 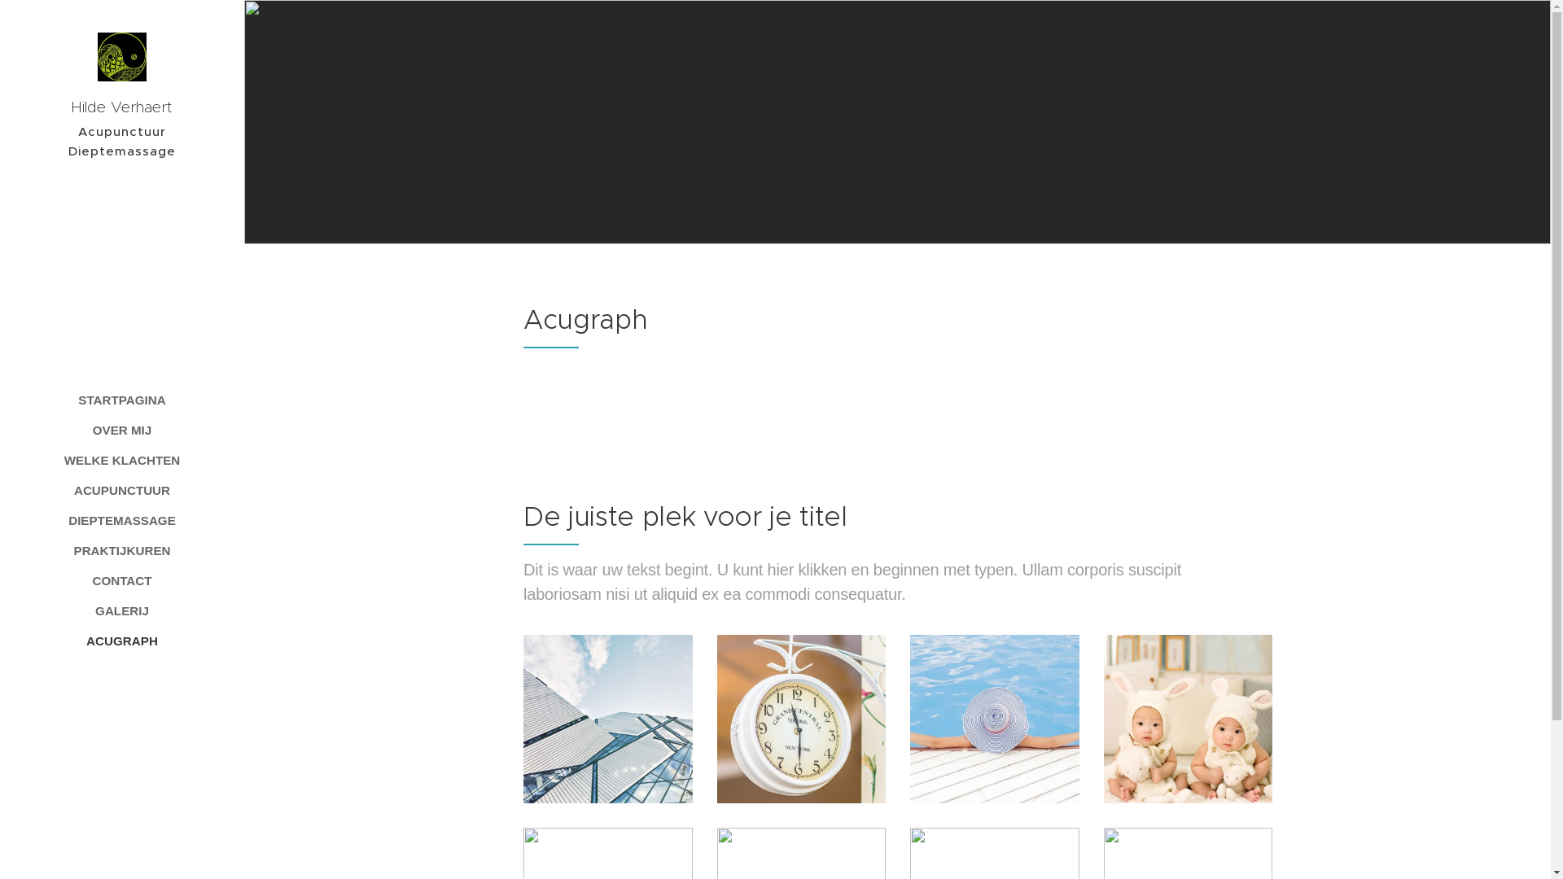 What do you see at coordinates (120, 429) in the screenshot?
I see `'OVER MIJ'` at bounding box center [120, 429].